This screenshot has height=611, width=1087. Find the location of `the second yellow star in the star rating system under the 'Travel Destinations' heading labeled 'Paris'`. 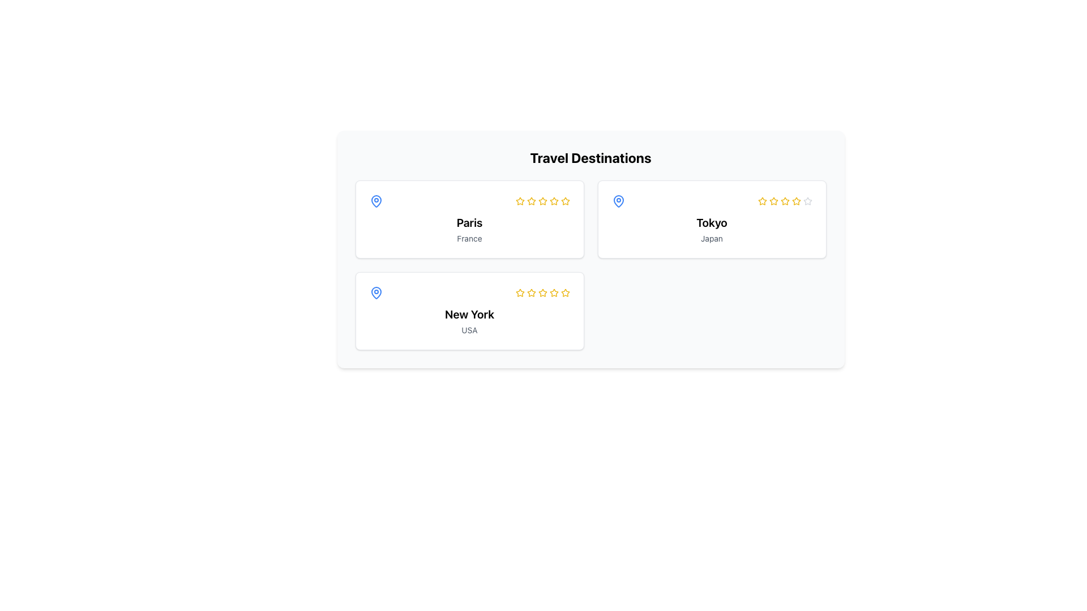

the second yellow star in the star rating system under the 'Travel Destinations' heading labeled 'Paris' is located at coordinates (530, 200).